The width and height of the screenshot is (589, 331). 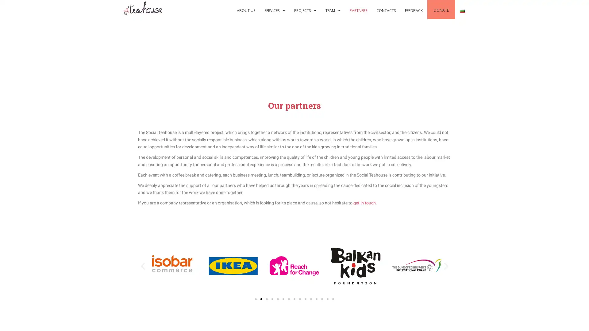 I want to click on Previous slide, so click(x=142, y=265).